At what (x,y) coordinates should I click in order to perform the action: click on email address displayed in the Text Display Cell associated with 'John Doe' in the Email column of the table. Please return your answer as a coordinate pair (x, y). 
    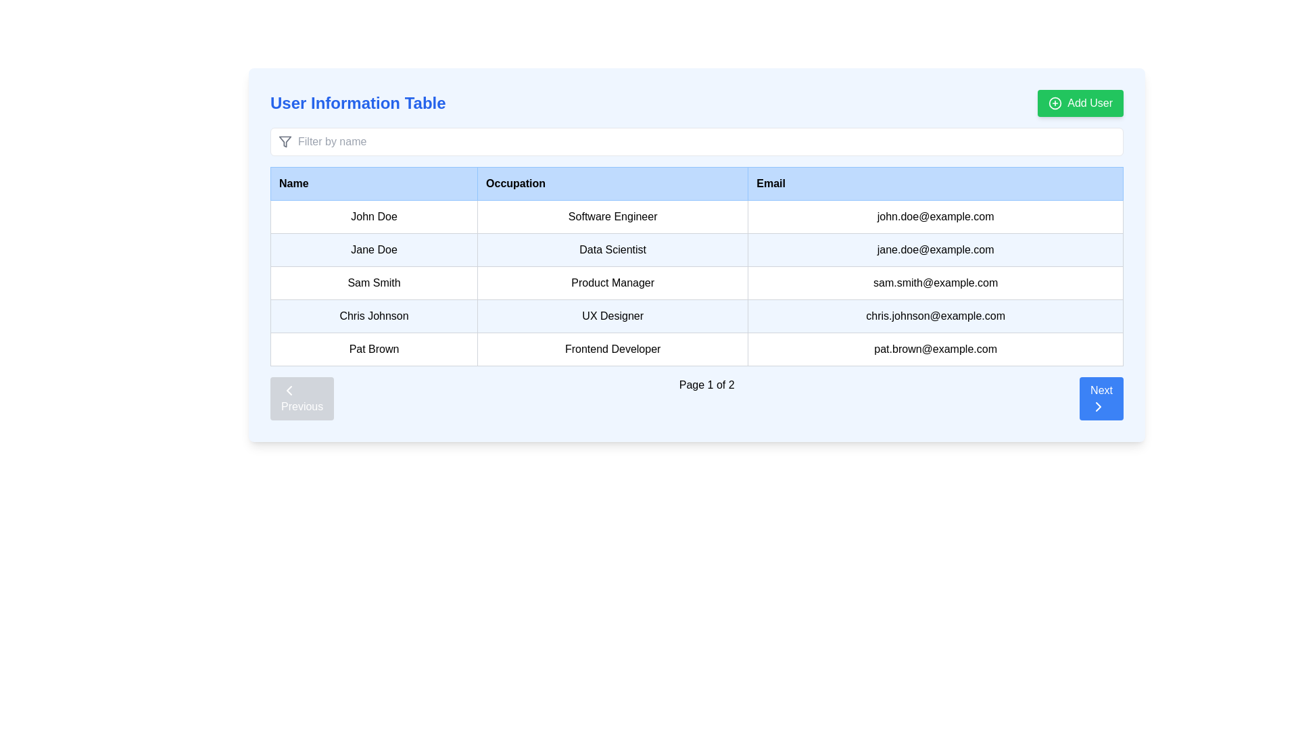
    Looking at the image, I should click on (935, 216).